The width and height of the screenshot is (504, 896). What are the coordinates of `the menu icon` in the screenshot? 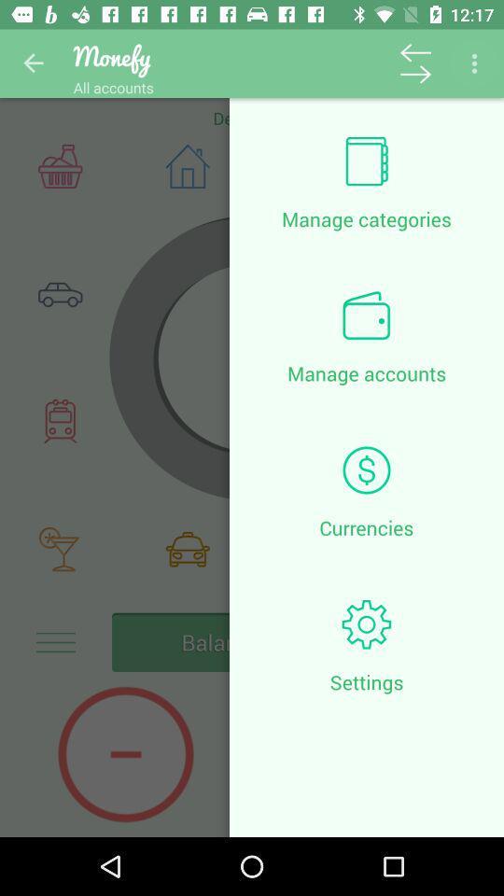 It's located at (55, 642).